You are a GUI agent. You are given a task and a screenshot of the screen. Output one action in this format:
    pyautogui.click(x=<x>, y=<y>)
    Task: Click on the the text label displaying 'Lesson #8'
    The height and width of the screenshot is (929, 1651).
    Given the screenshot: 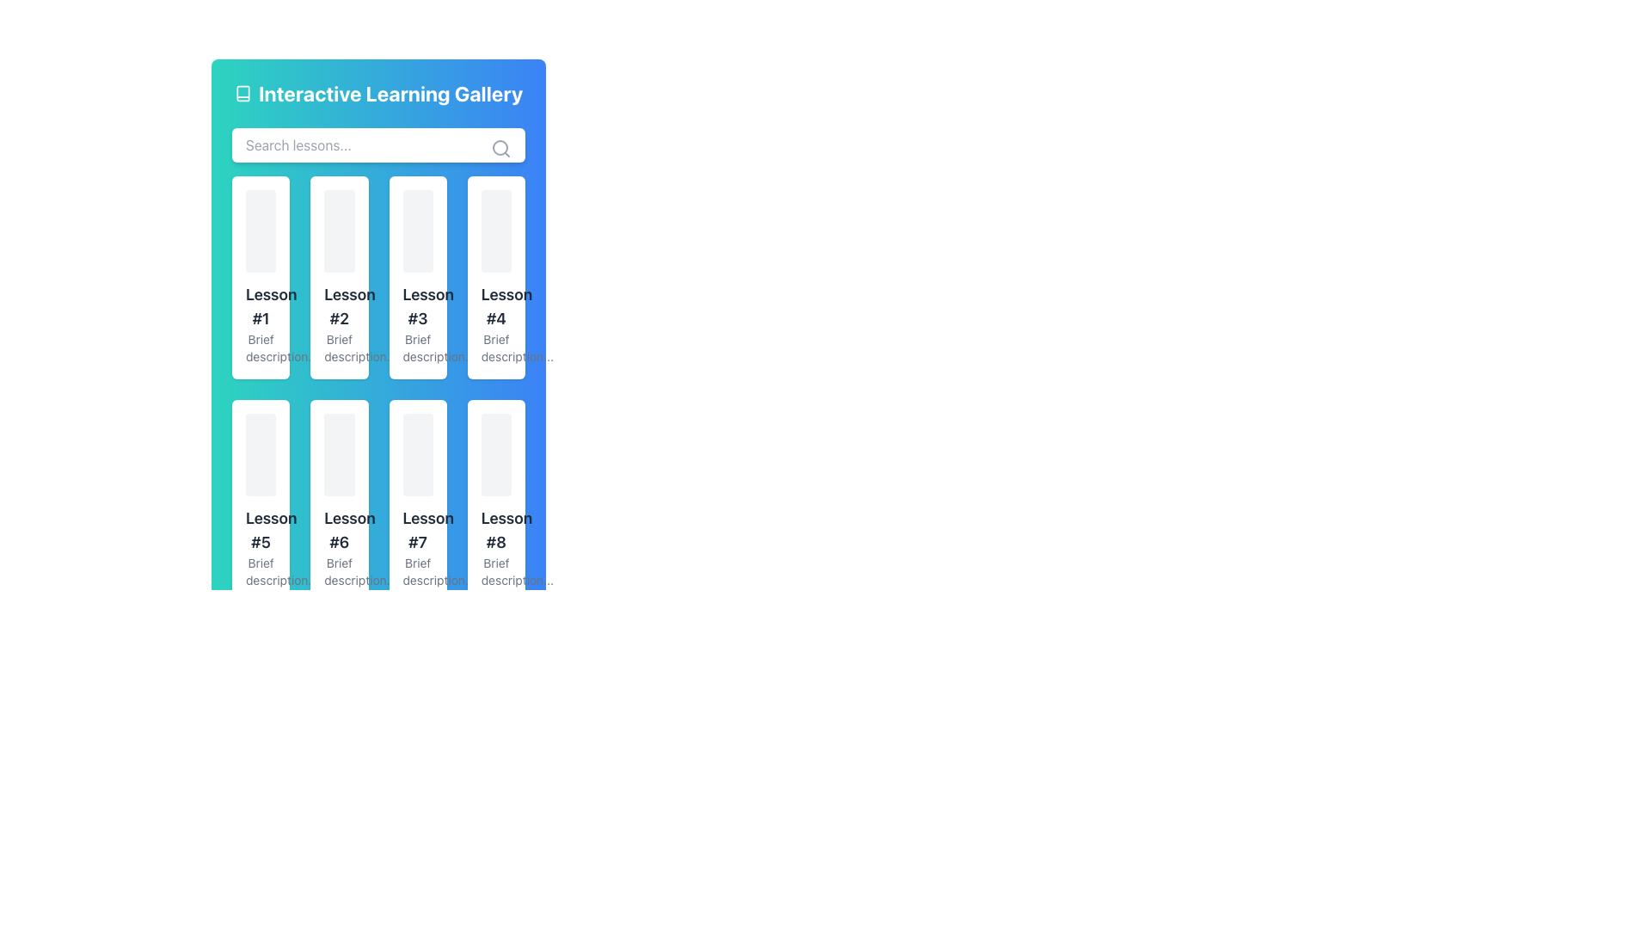 What is the action you would take?
    pyautogui.click(x=495, y=530)
    